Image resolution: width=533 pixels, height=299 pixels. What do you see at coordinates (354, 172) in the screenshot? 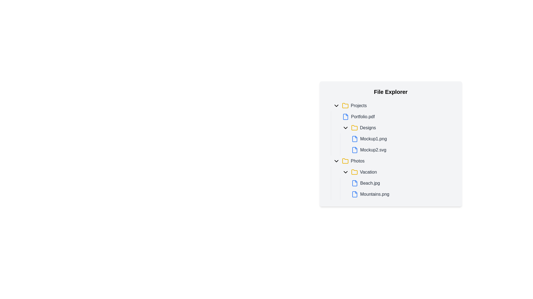
I see `the folder icon labeled 'Vacation'` at bounding box center [354, 172].